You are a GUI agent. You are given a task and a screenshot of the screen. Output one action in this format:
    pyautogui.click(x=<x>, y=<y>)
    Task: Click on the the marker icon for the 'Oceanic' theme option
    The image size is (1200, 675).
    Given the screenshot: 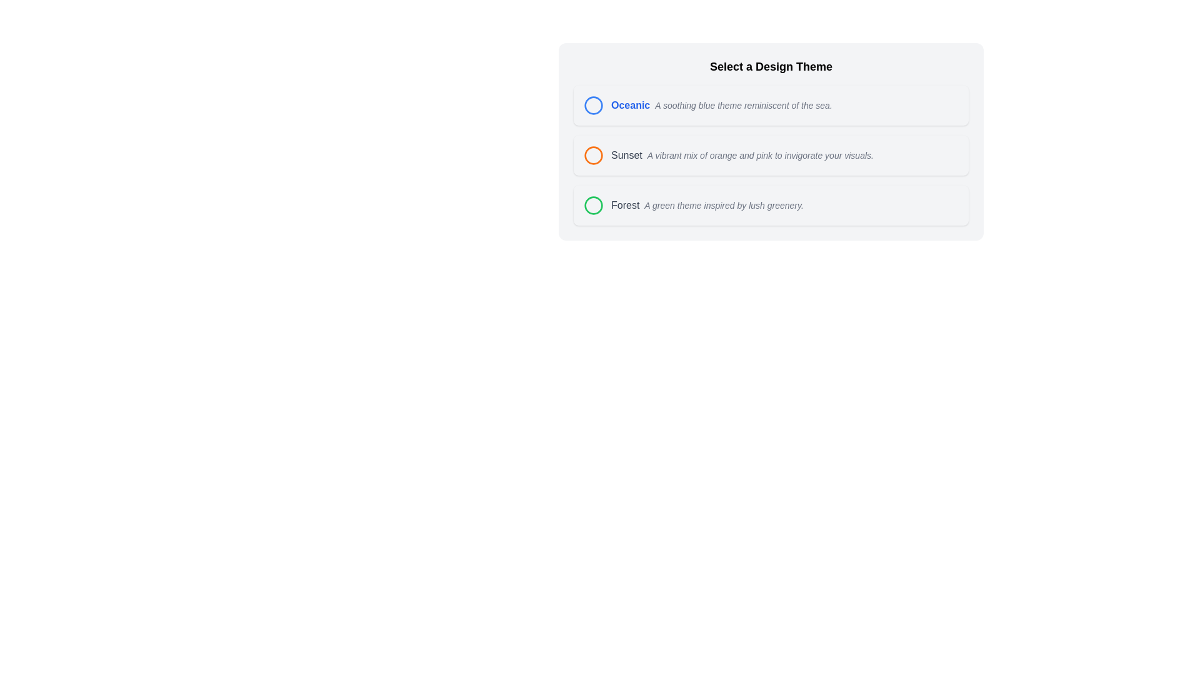 What is the action you would take?
    pyautogui.click(x=593, y=105)
    